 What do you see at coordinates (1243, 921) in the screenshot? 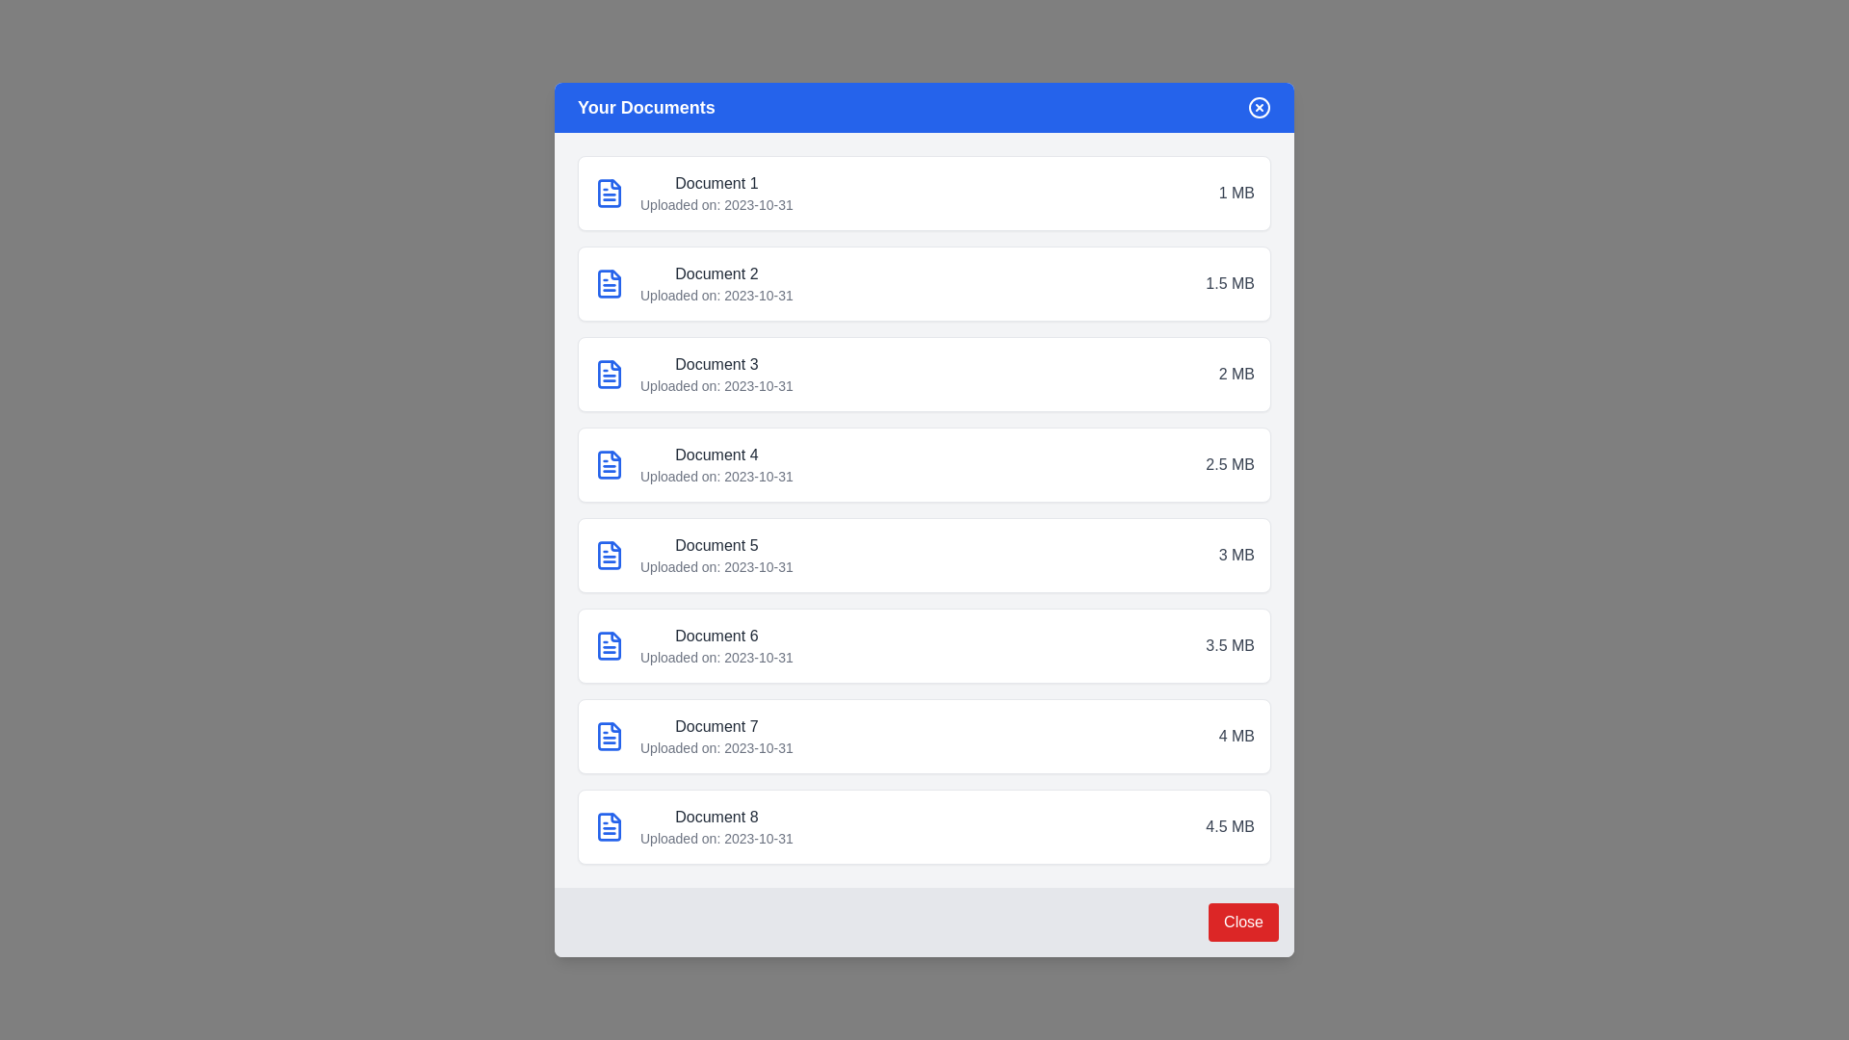
I see `the 'Close' button to close the dialog` at bounding box center [1243, 921].